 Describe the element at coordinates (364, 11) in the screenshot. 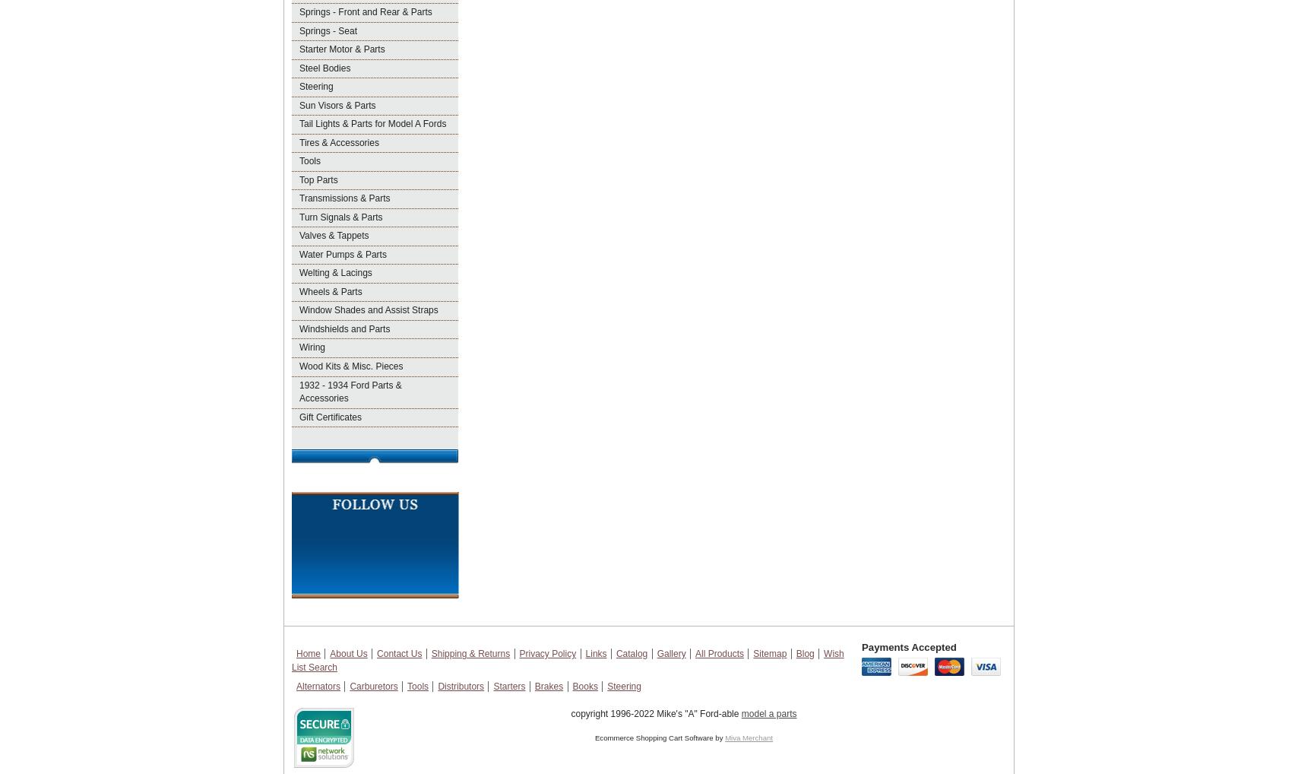

I see `'Springs - Front and Rear & Parts'` at that location.